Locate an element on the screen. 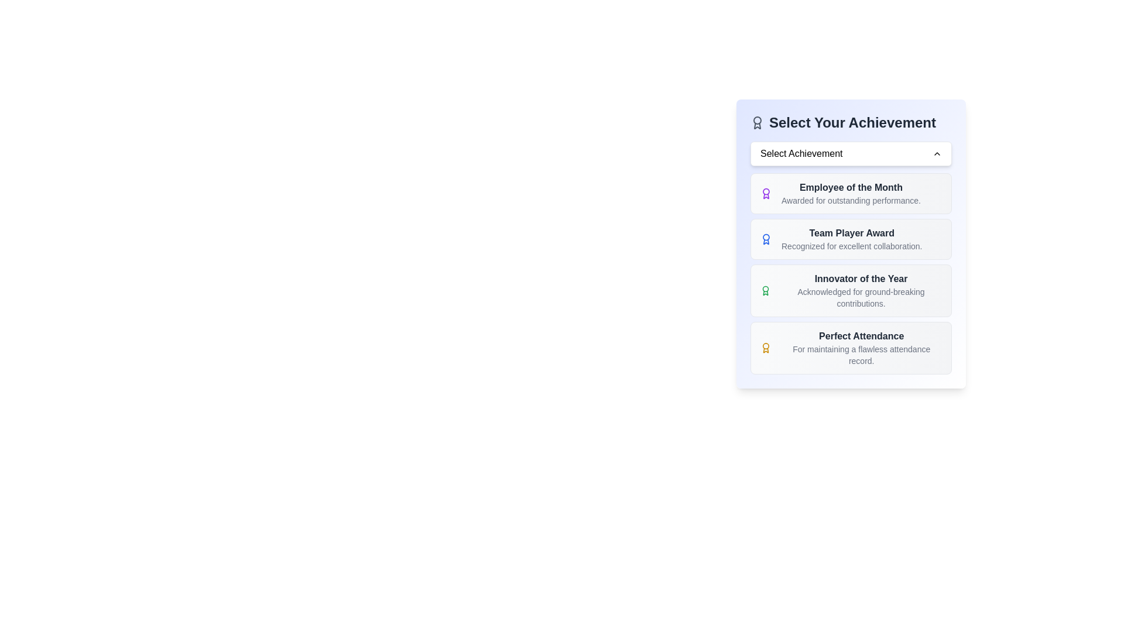  the blue award badge SVG icon located to the left of the text 'Team Player Award' is located at coordinates (766, 238).